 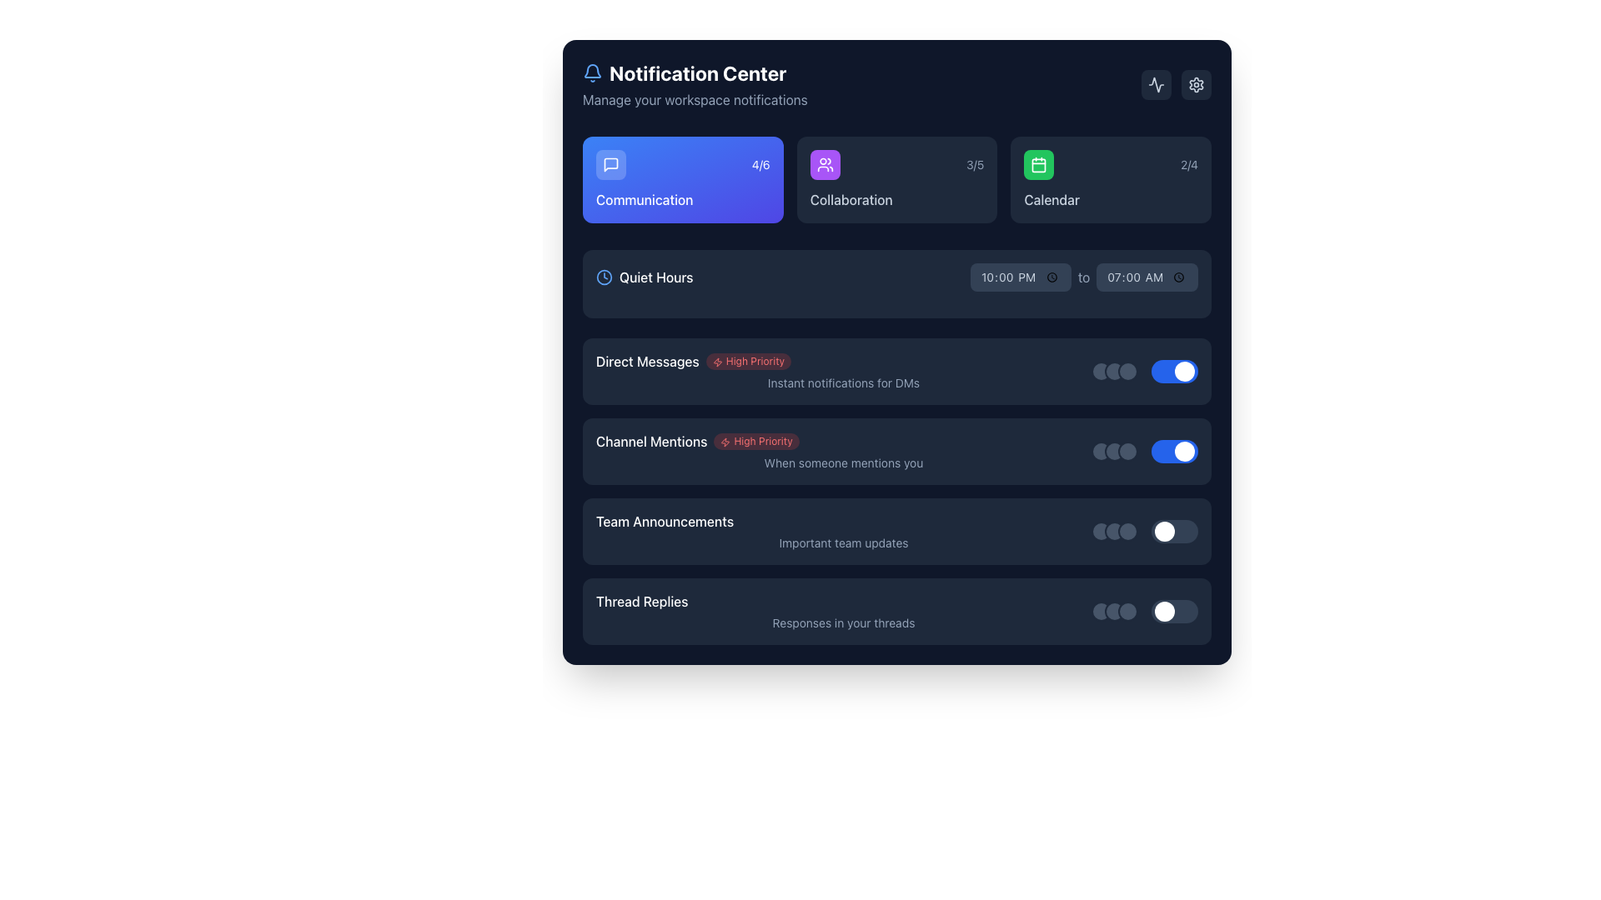 What do you see at coordinates (896, 180) in the screenshot?
I see `the 'Collaboration' button-style card, which is the second card in a three-card grid layout positioned between 'Communication' and 'Calendar'` at bounding box center [896, 180].